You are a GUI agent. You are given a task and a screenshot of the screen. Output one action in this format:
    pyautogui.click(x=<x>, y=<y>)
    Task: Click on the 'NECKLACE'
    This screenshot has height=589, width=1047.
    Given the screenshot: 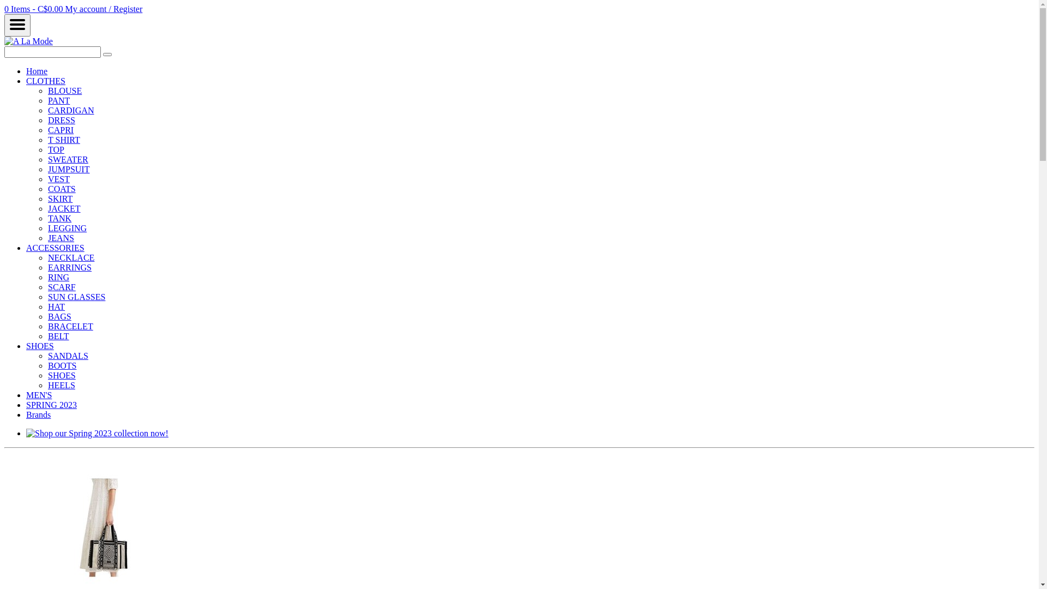 What is the action you would take?
    pyautogui.click(x=70, y=257)
    